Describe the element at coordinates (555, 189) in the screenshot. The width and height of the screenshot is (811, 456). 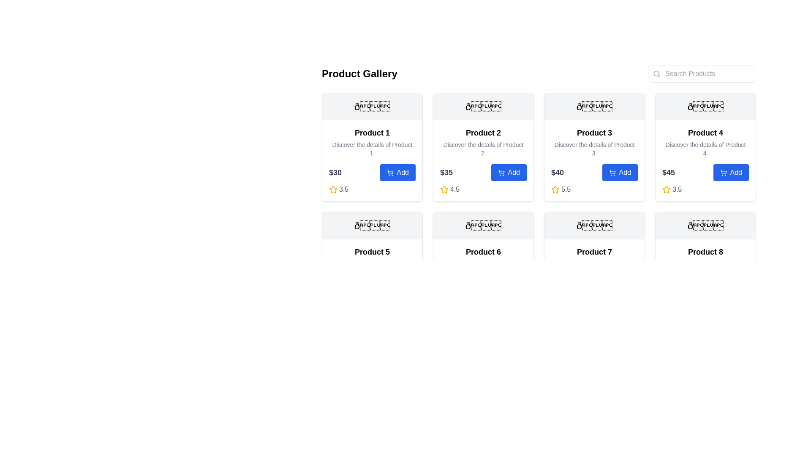
I see `the star rating icon for 'Product 3', which is positioned to the left of the rating value '5.5'` at that location.